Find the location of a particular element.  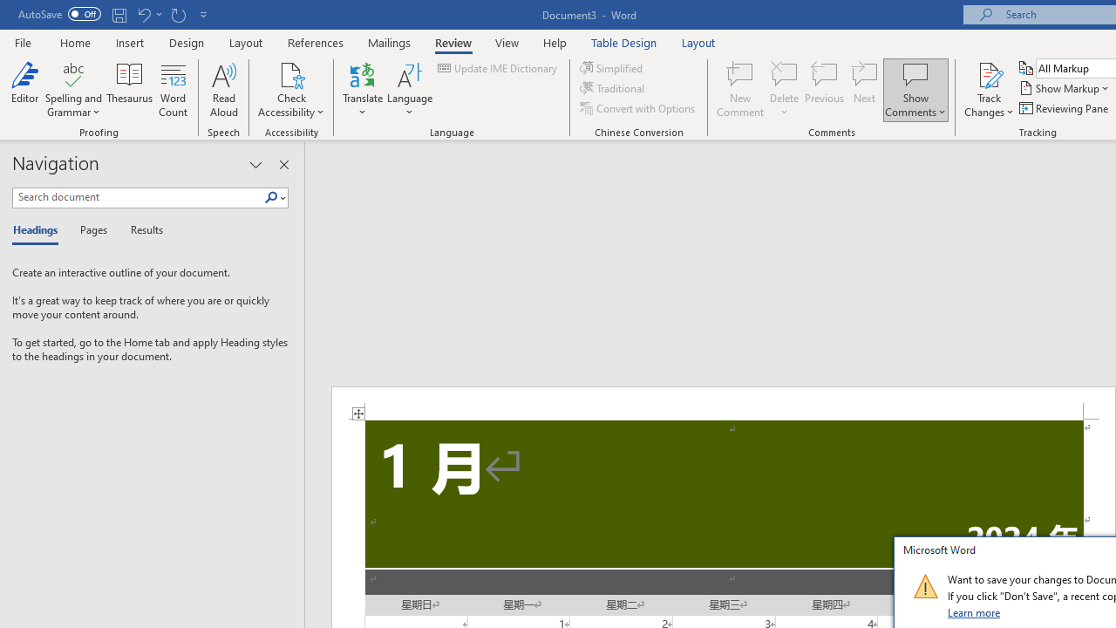

'Convert with Options...' is located at coordinates (637, 108).